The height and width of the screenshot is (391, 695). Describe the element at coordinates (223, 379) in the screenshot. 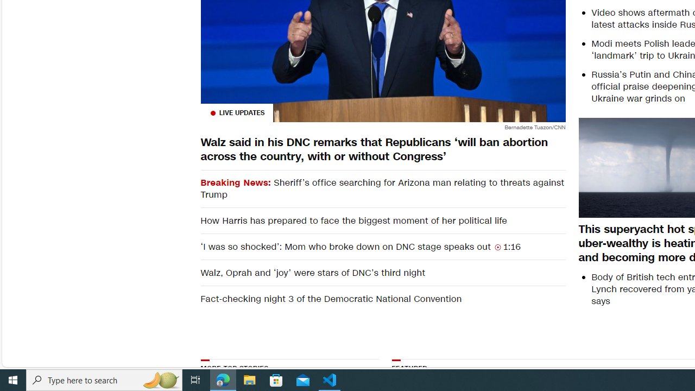

I see `'Microsoft Edge - 1 running window'` at that location.